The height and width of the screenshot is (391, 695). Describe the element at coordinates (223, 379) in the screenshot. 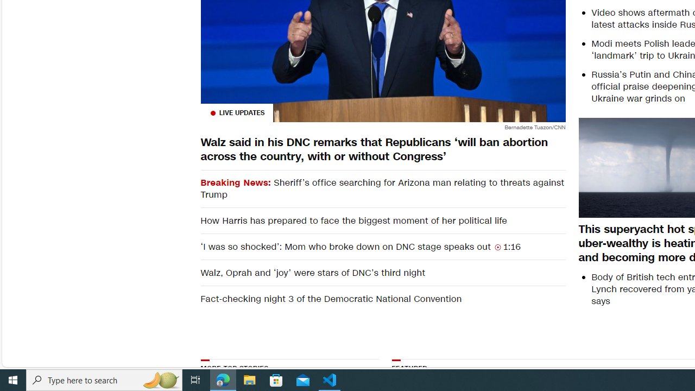

I see `'Microsoft Edge - 1 running window'` at that location.